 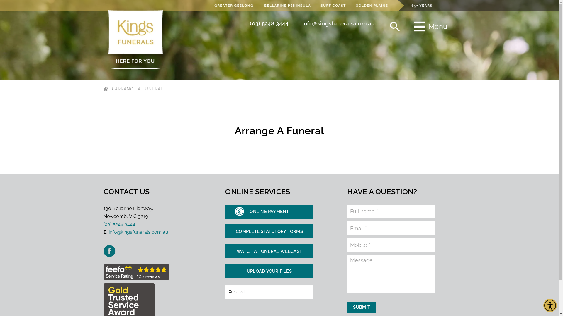 I want to click on 'SUBMIT', so click(x=361, y=307).